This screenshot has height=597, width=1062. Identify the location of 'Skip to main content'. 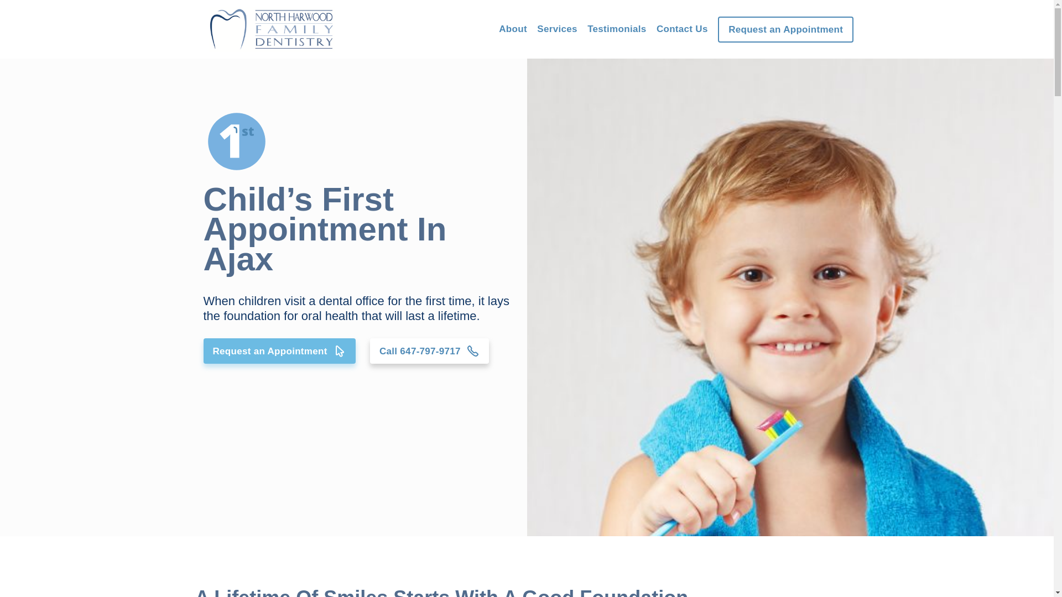
(0, 0).